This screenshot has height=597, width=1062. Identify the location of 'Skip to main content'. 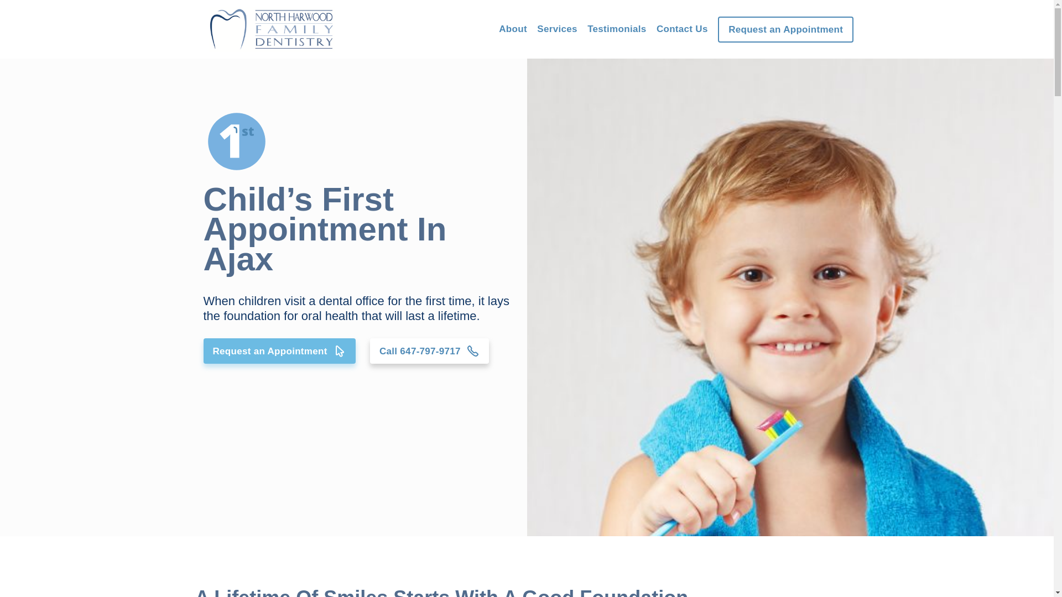
(0, 0).